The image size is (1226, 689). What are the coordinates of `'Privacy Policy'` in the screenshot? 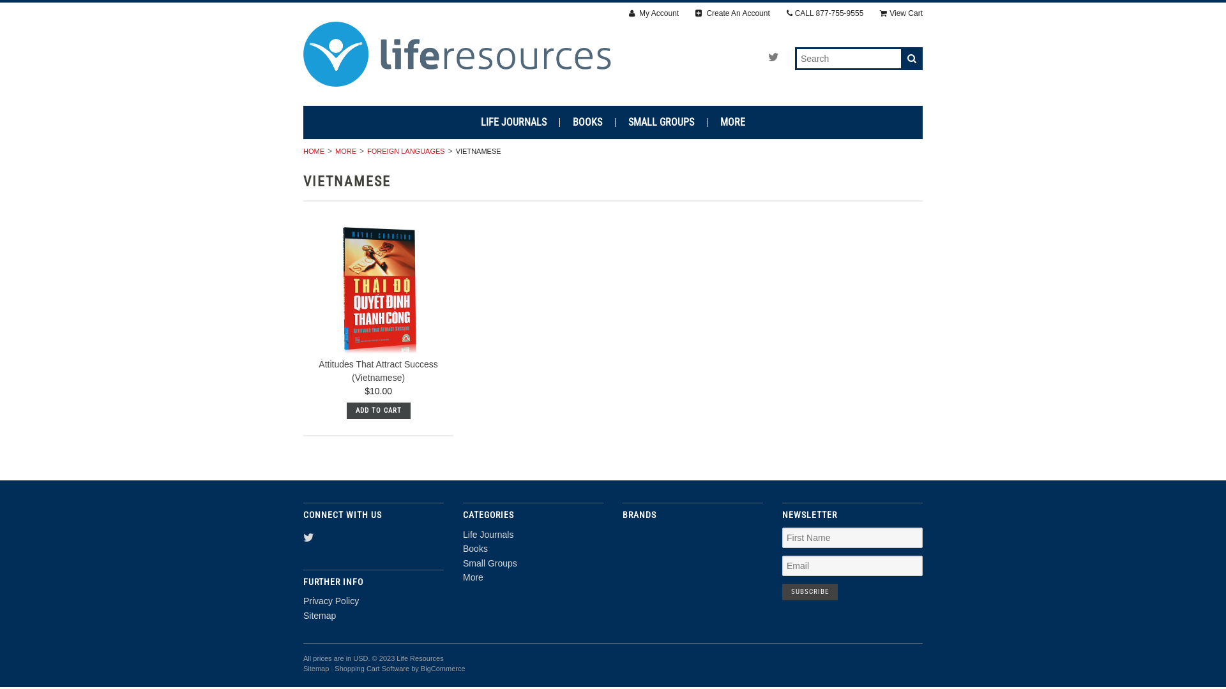 It's located at (331, 600).